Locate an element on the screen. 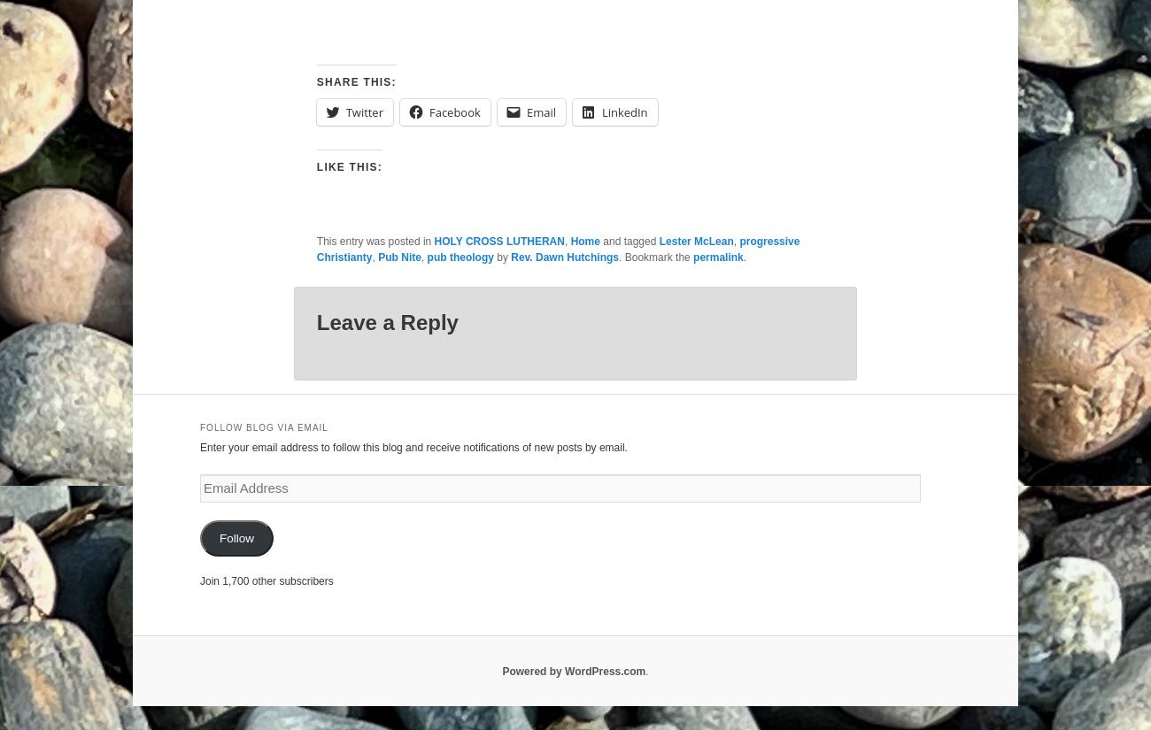 Image resolution: width=1151 pixels, height=730 pixels. 'permalink' is located at coordinates (716, 256).